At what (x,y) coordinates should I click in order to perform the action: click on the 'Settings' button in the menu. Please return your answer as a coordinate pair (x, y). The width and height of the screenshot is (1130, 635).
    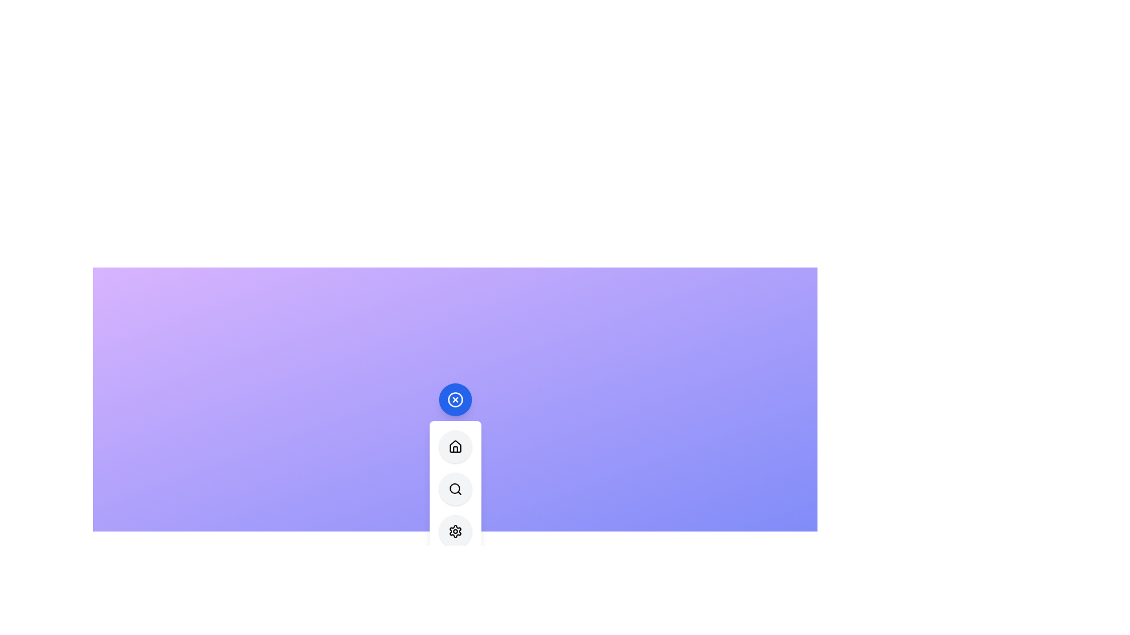
    Looking at the image, I should click on (454, 531).